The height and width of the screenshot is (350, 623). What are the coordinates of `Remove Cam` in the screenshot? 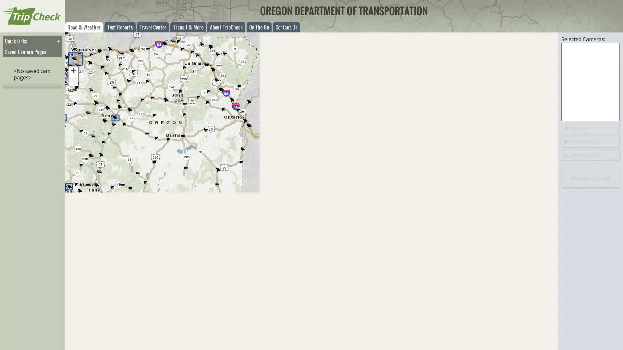 It's located at (590, 141).